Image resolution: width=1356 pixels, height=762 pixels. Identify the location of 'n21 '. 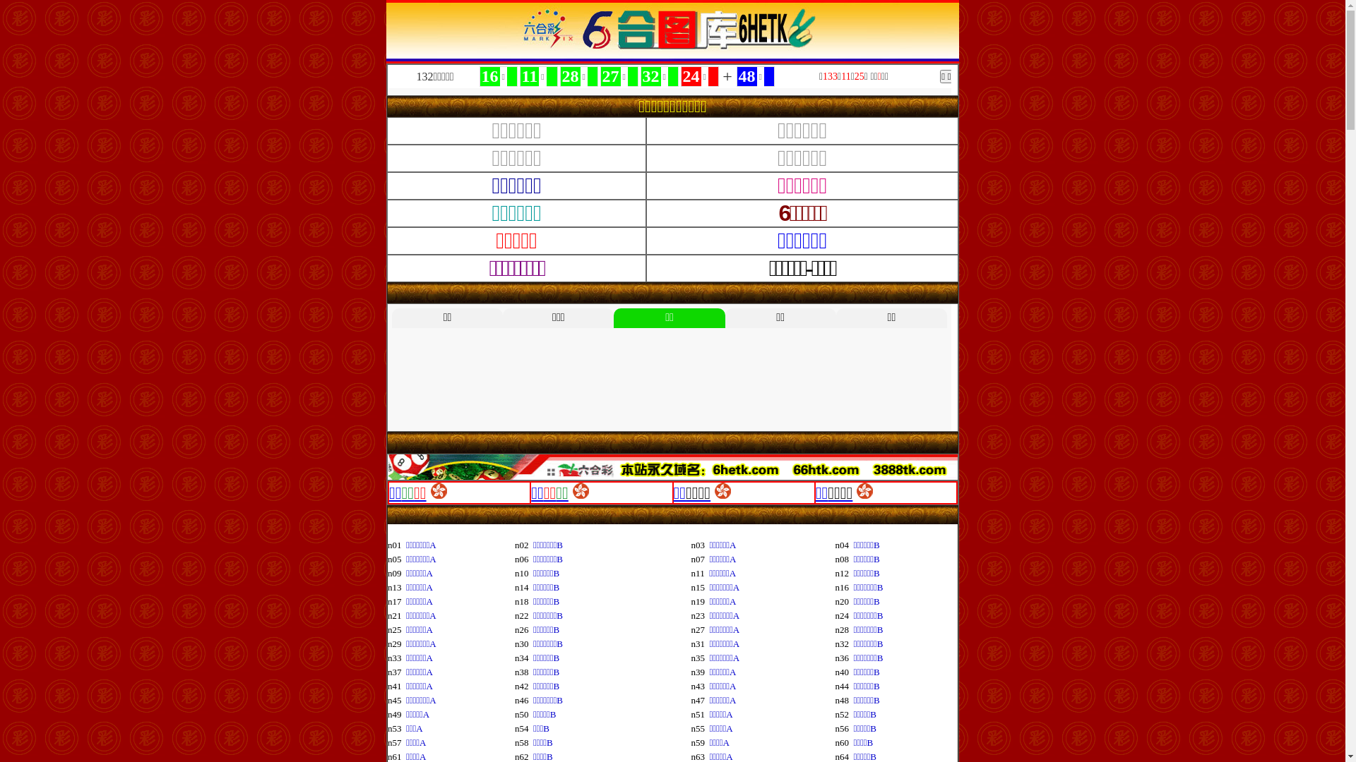
(395, 615).